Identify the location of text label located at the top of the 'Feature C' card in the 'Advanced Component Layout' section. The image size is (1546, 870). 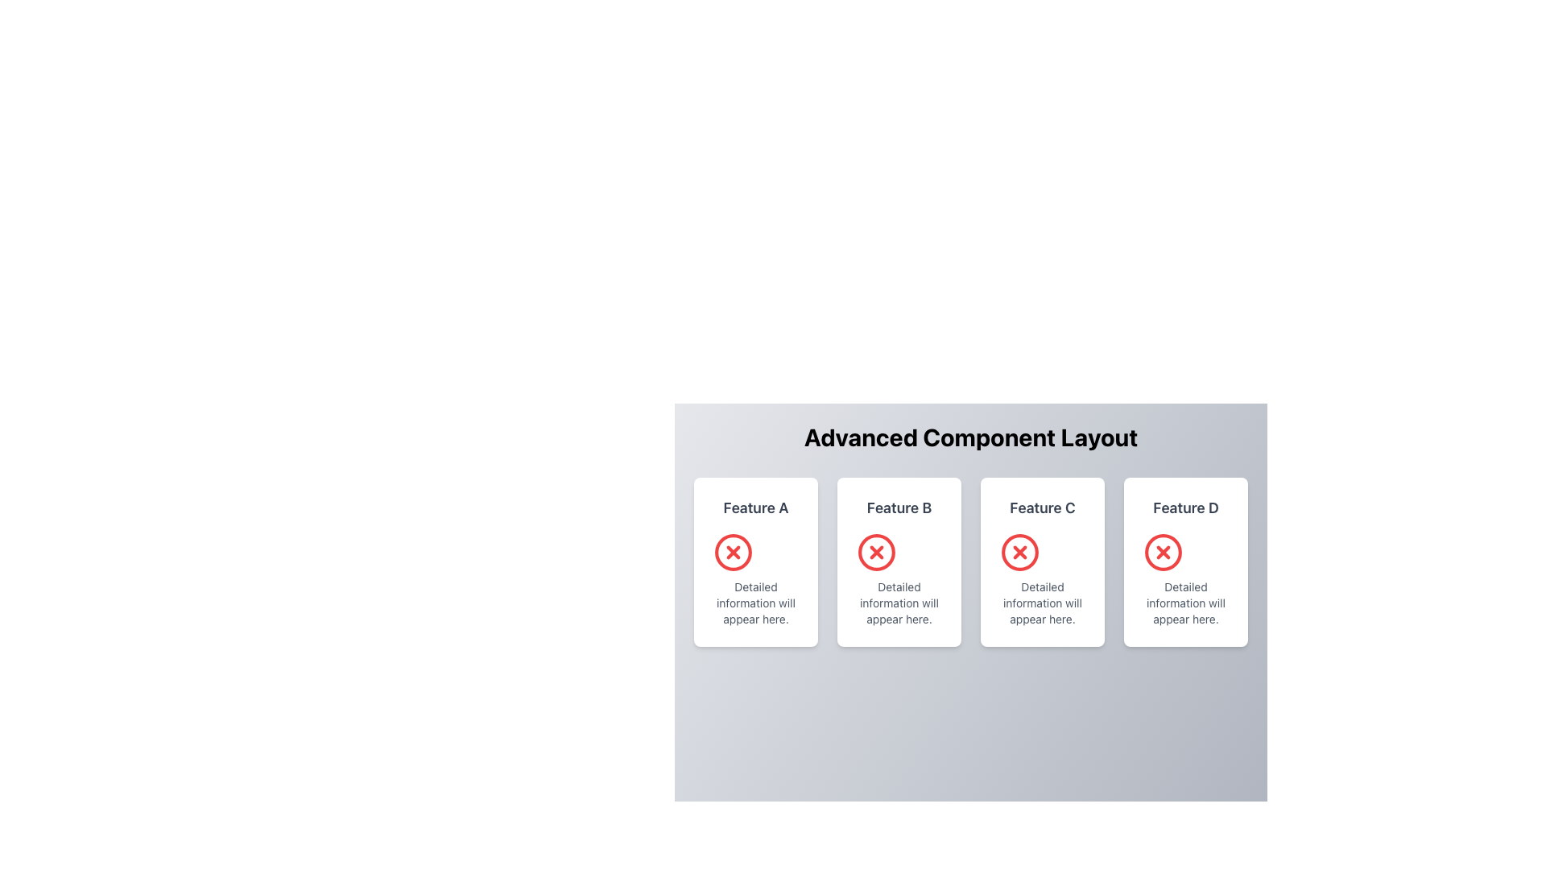
(1043, 506).